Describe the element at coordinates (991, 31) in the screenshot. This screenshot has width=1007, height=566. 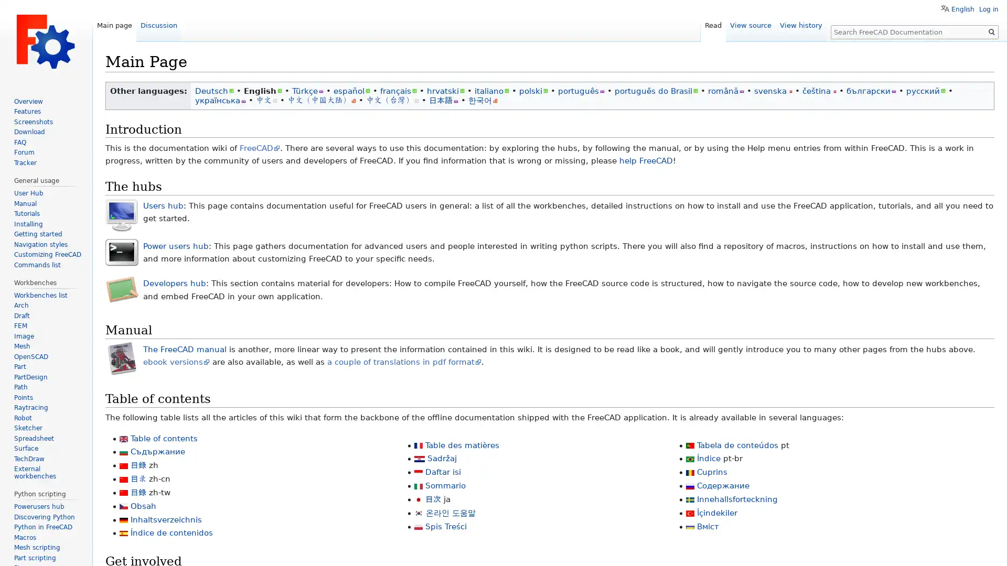
I see `Search` at that location.